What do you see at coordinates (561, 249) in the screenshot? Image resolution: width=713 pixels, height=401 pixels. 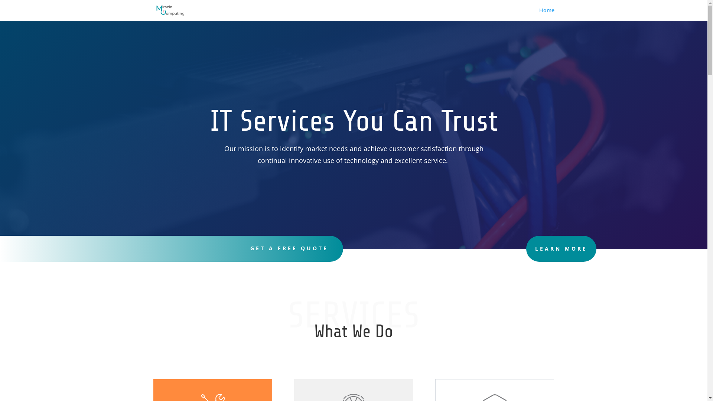 I see `'LEARN MORE'` at bounding box center [561, 249].